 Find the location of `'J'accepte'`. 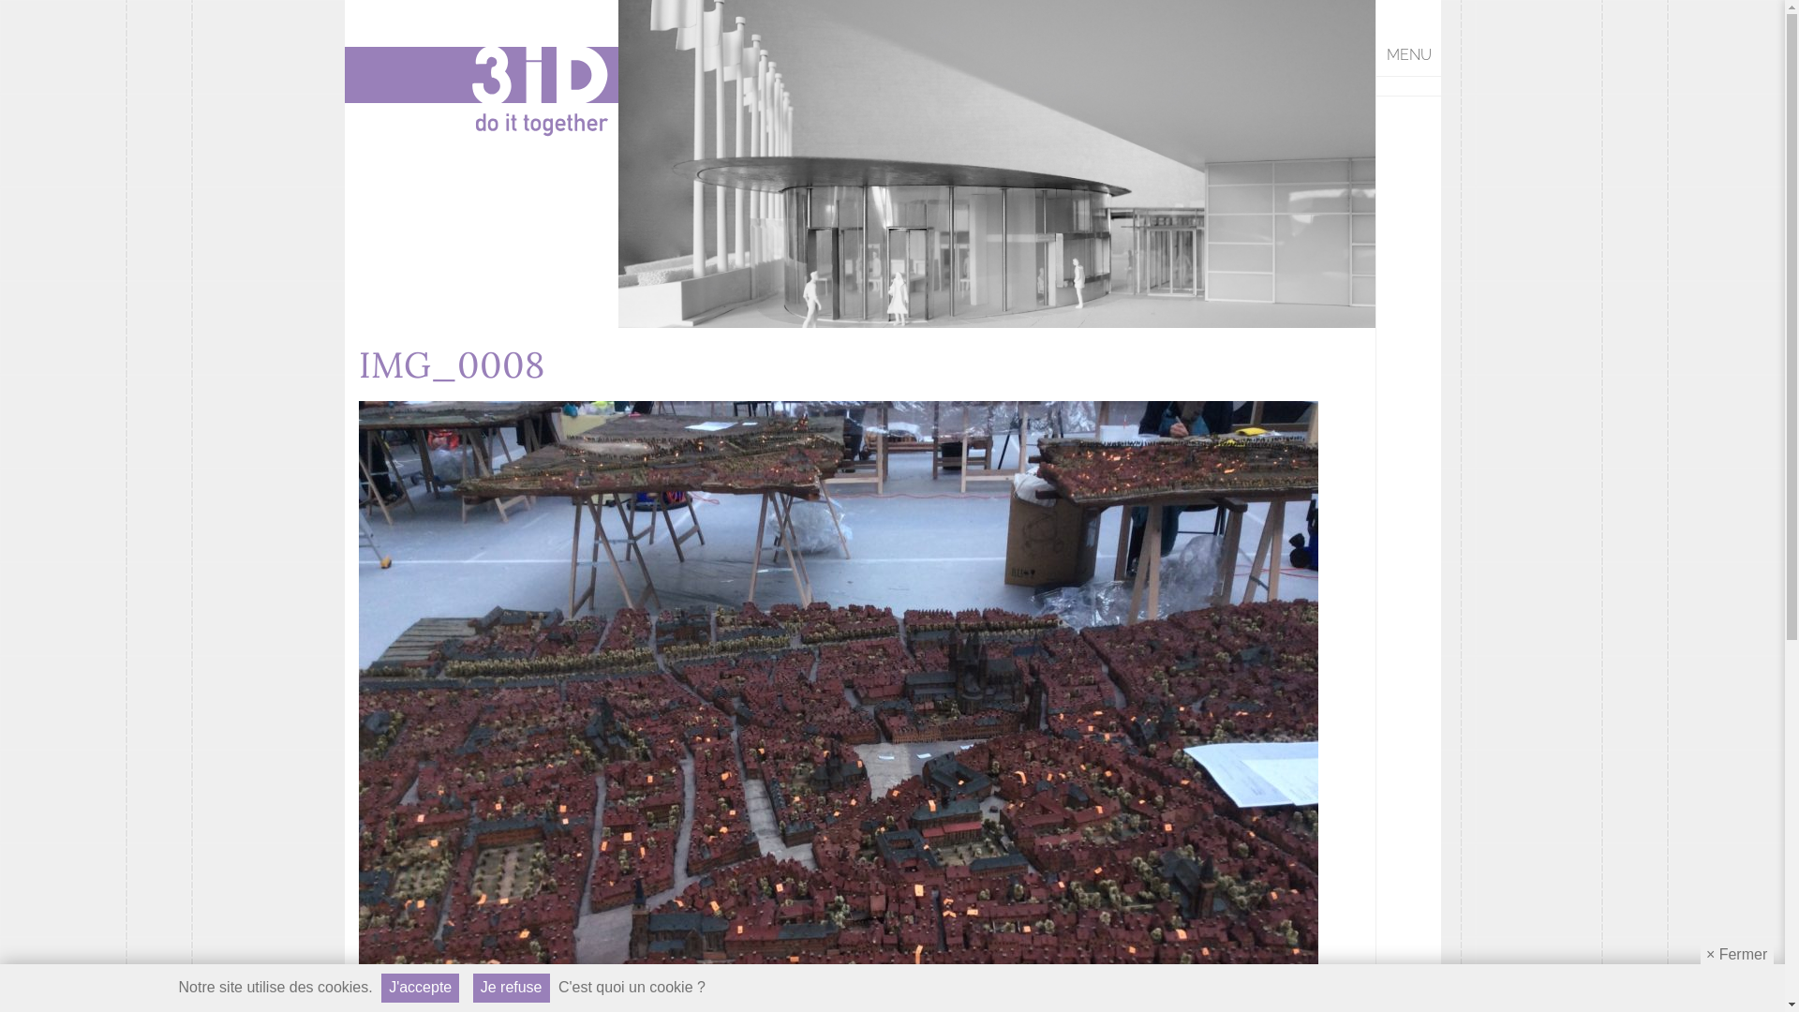

'J'accepte' is located at coordinates (419, 987).